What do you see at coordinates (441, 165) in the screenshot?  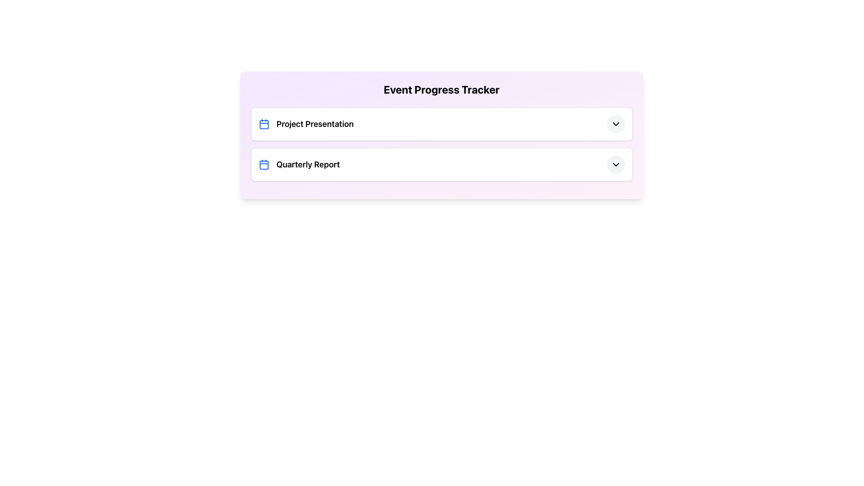 I see `the dropdown arrow on the 'Quarterly Report' list item` at bounding box center [441, 165].